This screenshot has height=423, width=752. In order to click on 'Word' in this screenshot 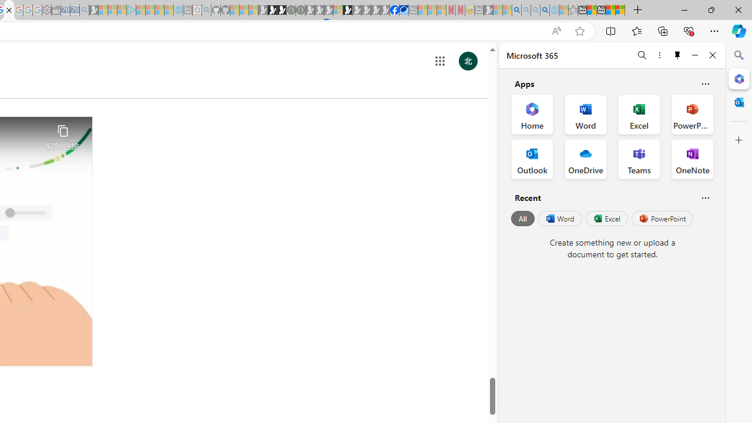, I will do `click(559, 219)`.